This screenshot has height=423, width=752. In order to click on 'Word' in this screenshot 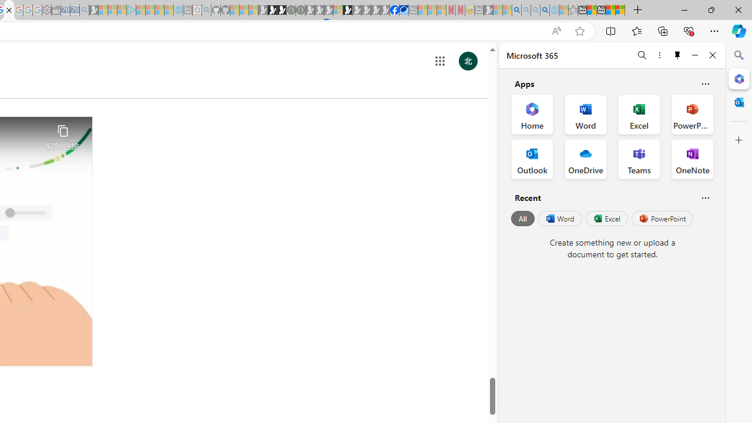, I will do `click(559, 219)`.